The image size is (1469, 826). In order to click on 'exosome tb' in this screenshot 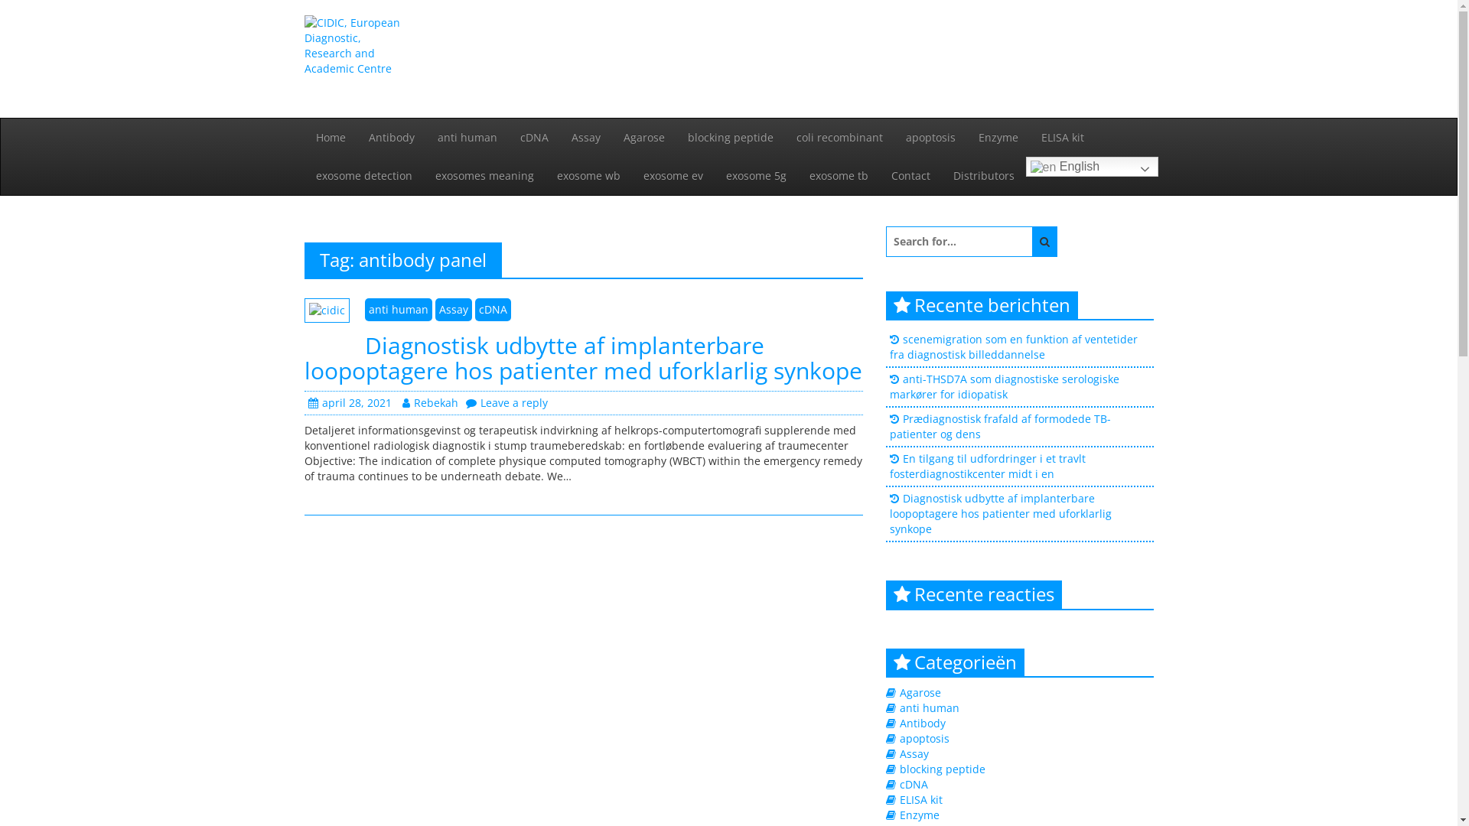, I will do `click(837, 175)`.